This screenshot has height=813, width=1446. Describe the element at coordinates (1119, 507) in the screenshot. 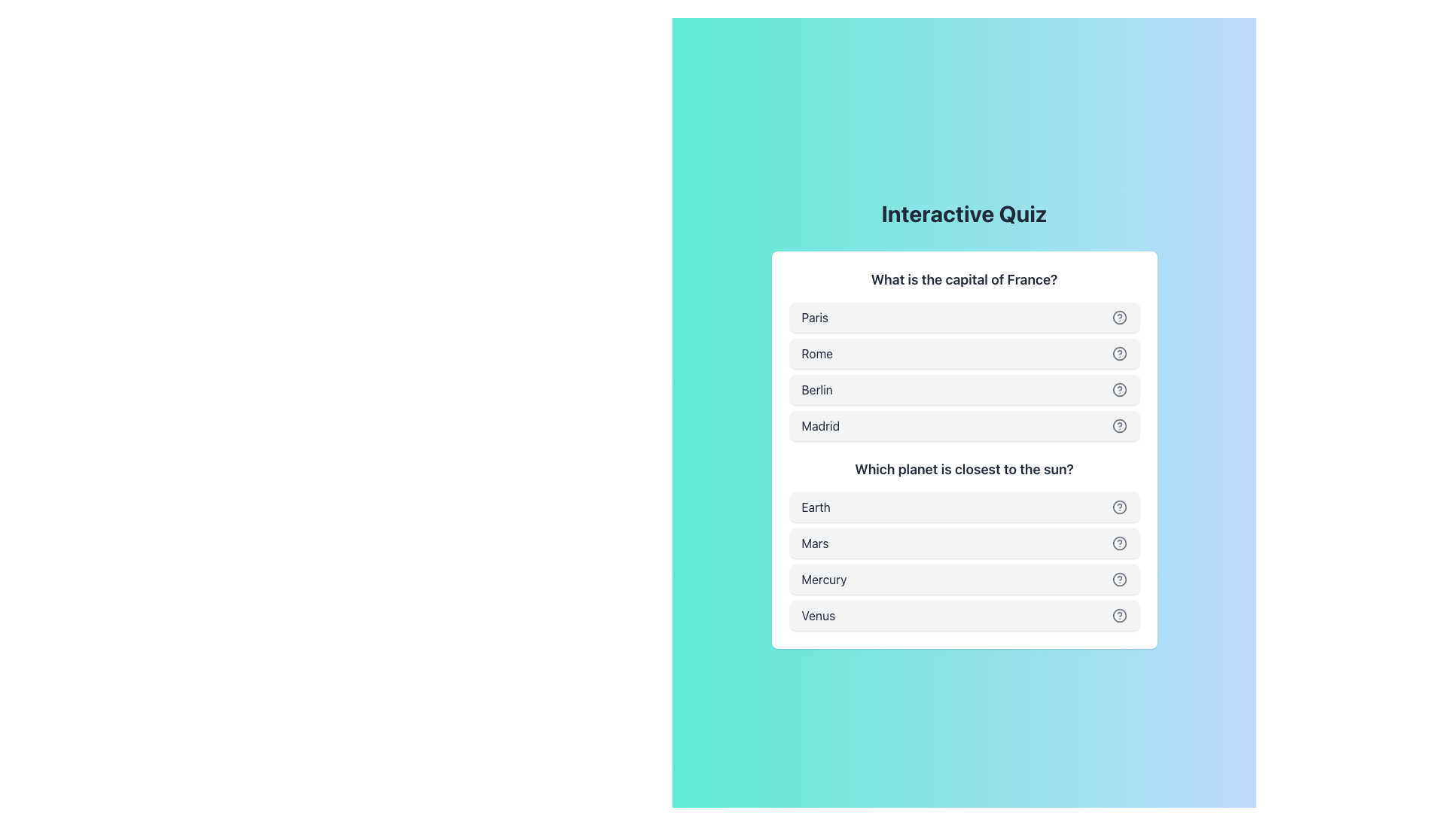

I see `the interactive icon located to the right of the option labeled 'Mars' in the second question section of the interactive quiz` at that location.